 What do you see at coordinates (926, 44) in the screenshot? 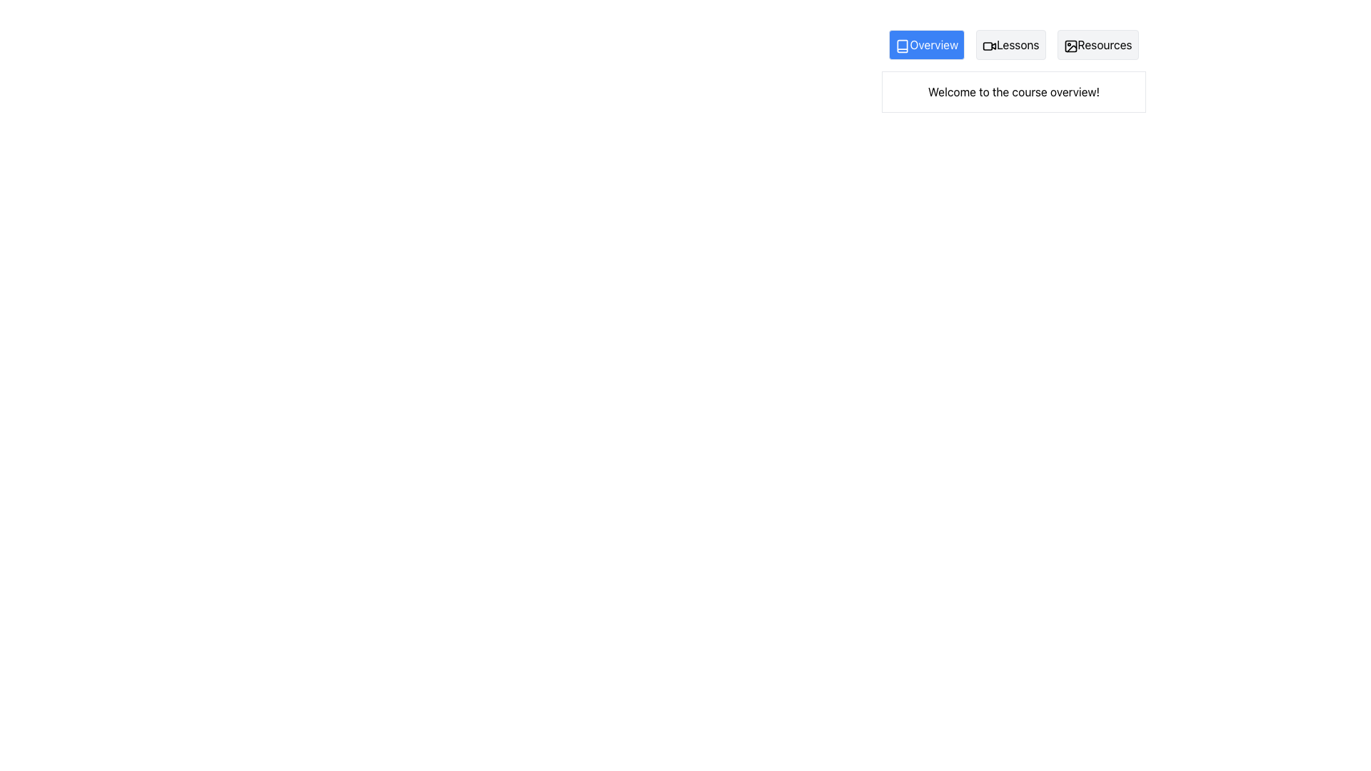
I see `the 'Overview' button located at the upper-right area of the interface` at bounding box center [926, 44].